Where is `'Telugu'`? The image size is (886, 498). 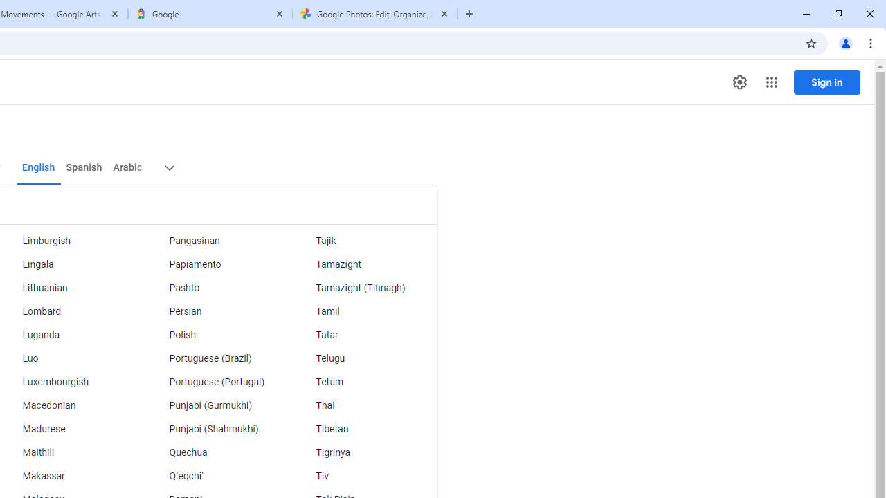
'Telugu' is located at coordinates (363, 358).